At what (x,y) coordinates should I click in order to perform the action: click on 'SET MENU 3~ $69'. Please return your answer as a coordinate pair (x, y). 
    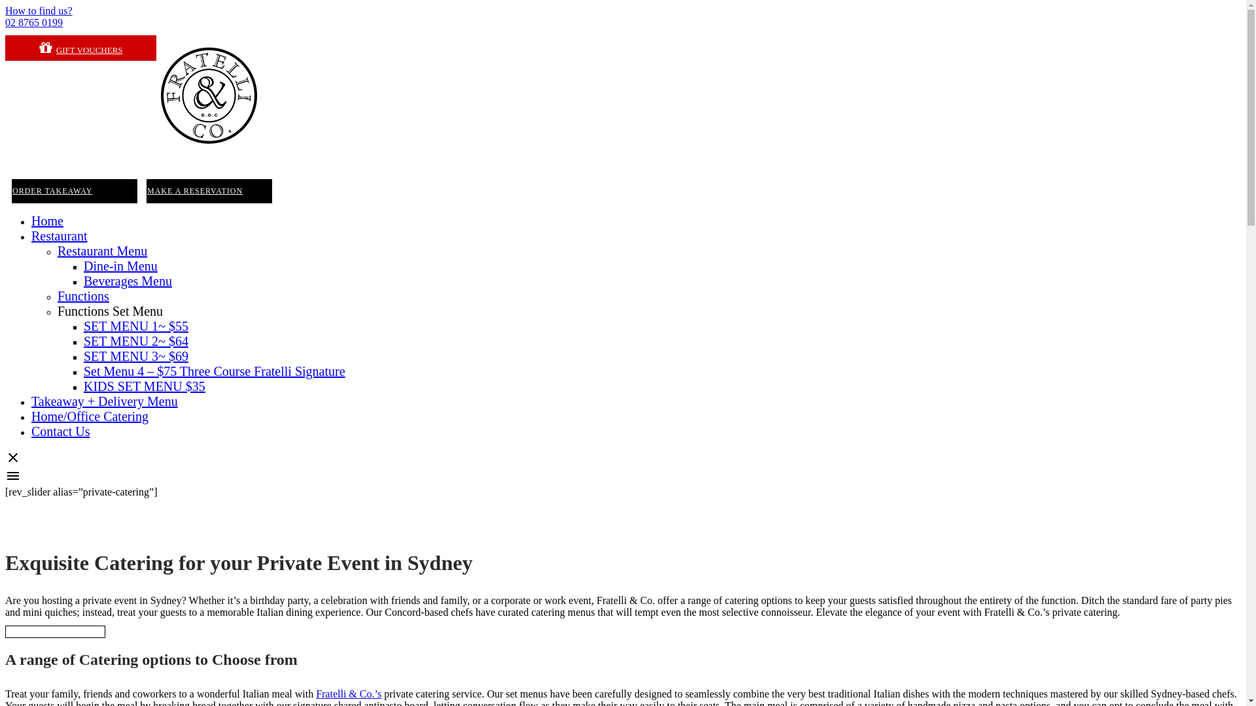
    Looking at the image, I should click on (83, 356).